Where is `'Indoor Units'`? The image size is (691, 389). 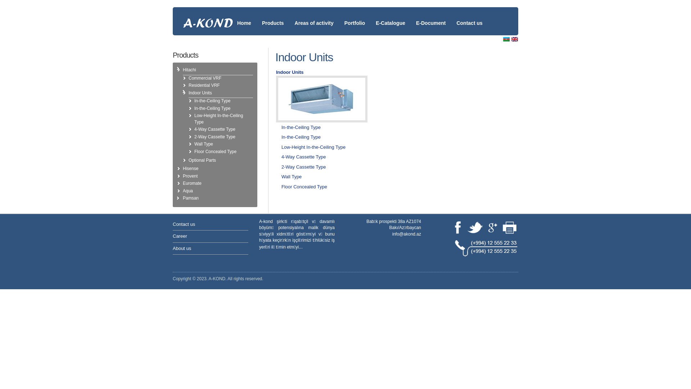
'Indoor Units' is located at coordinates (200, 93).